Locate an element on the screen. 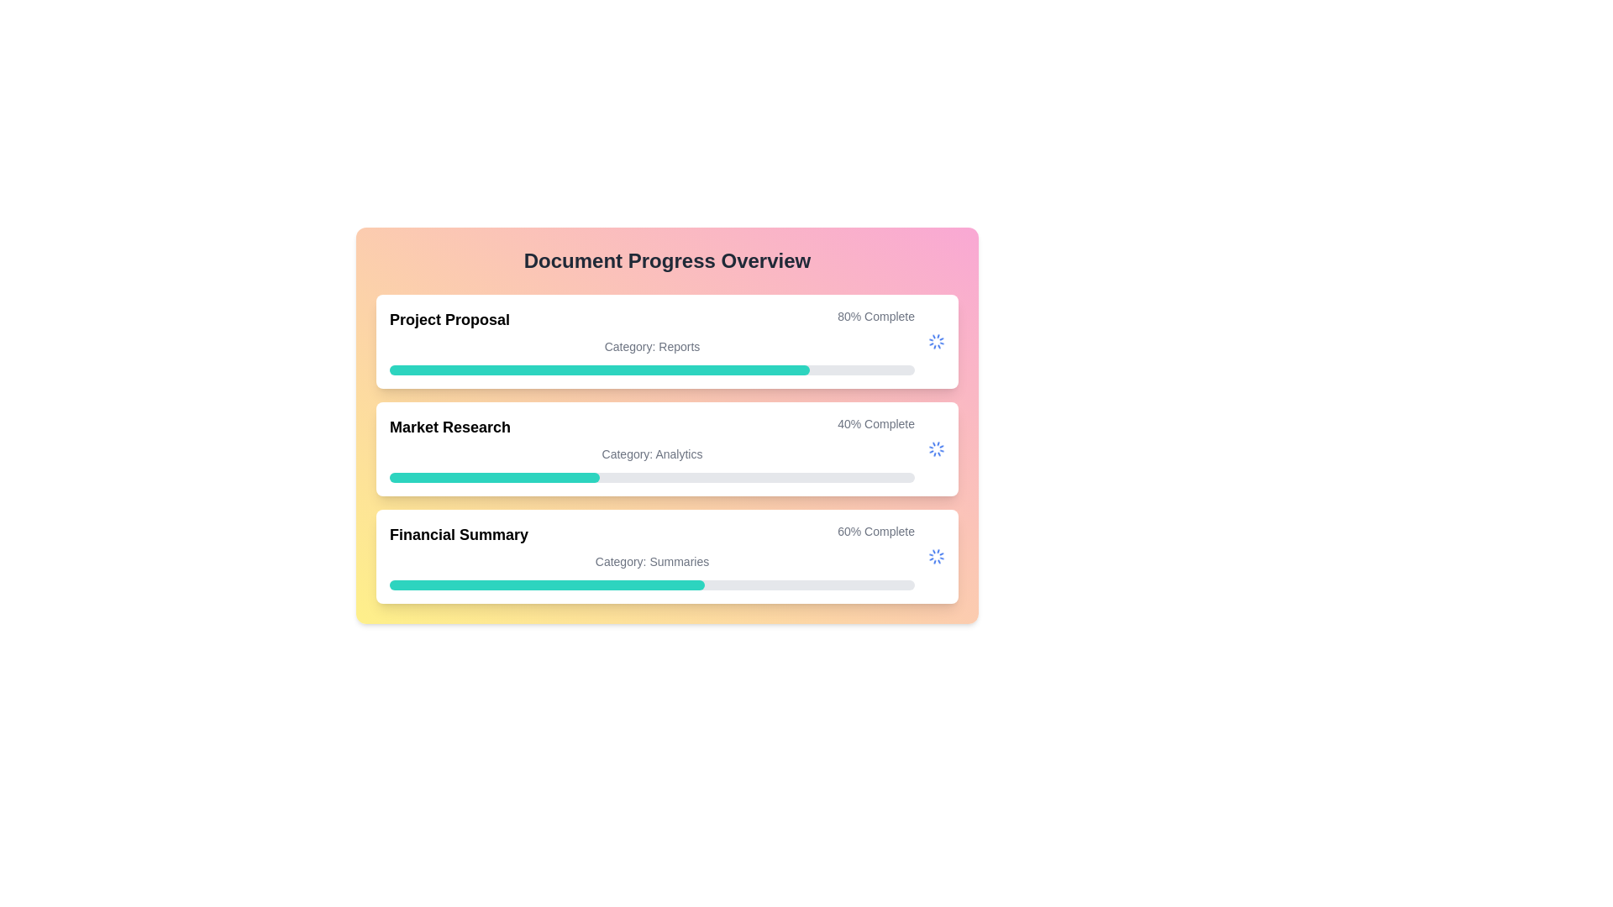 The width and height of the screenshot is (1613, 907). the horizontal progress bar within the 'Financial Summary' card, located below the 'Category: Summaries' text, which shows a 60% completion level is located at coordinates (651, 585).